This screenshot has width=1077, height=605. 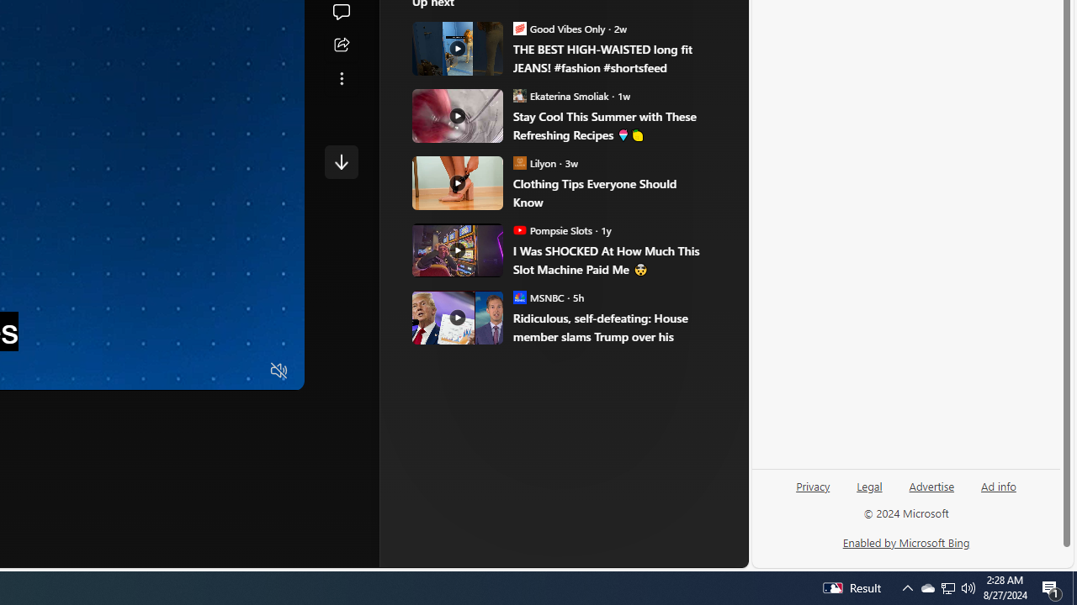 I want to click on 'Good Vibes Only', so click(x=519, y=28).